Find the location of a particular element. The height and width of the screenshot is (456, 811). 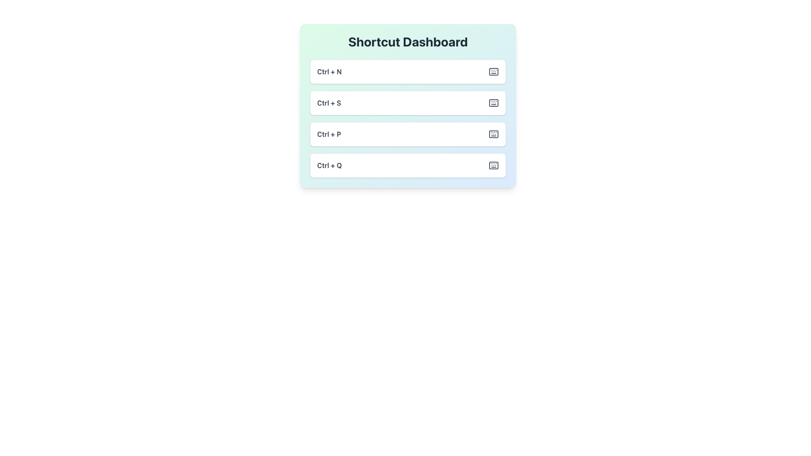

the keyboard icon located to the right of the text 'Ctrl + Q' in the Shortcut Dashboard UI for interaction is located at coordinates (494, 166).